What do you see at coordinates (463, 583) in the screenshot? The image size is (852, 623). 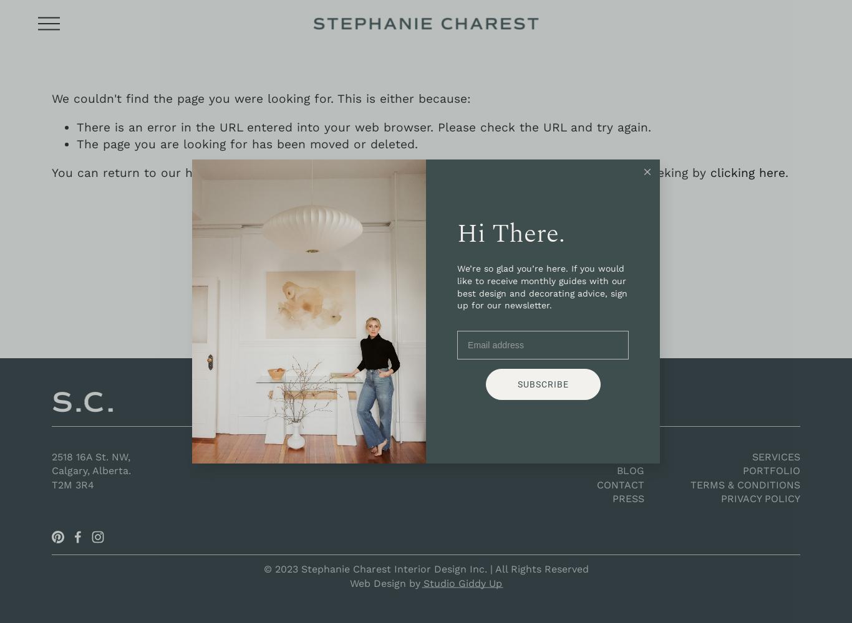 I see `'Studio Giddy Up'` at bounding box center [463, 583].